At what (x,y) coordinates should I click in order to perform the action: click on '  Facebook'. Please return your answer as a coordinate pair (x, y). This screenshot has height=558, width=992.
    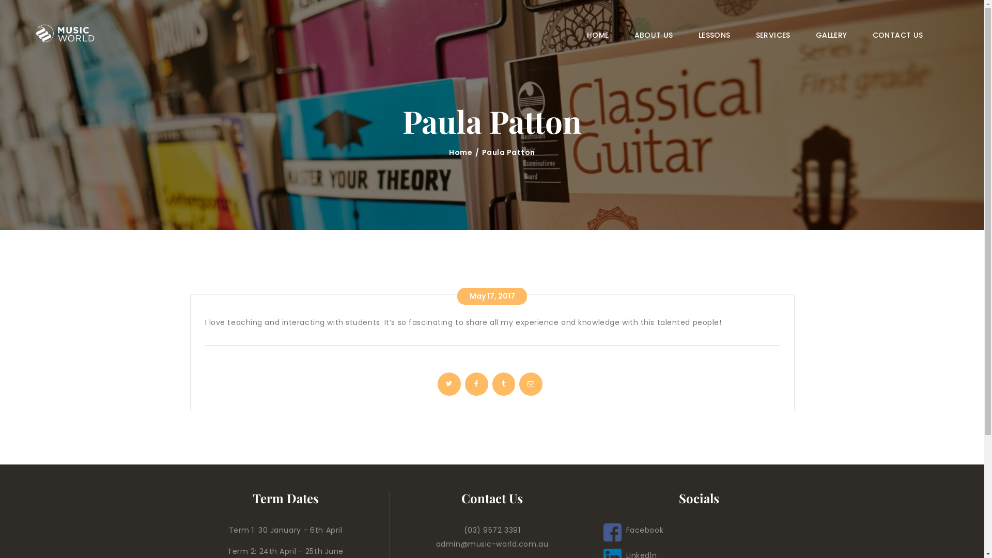
    Looking at the image, I should click on (633, 530).